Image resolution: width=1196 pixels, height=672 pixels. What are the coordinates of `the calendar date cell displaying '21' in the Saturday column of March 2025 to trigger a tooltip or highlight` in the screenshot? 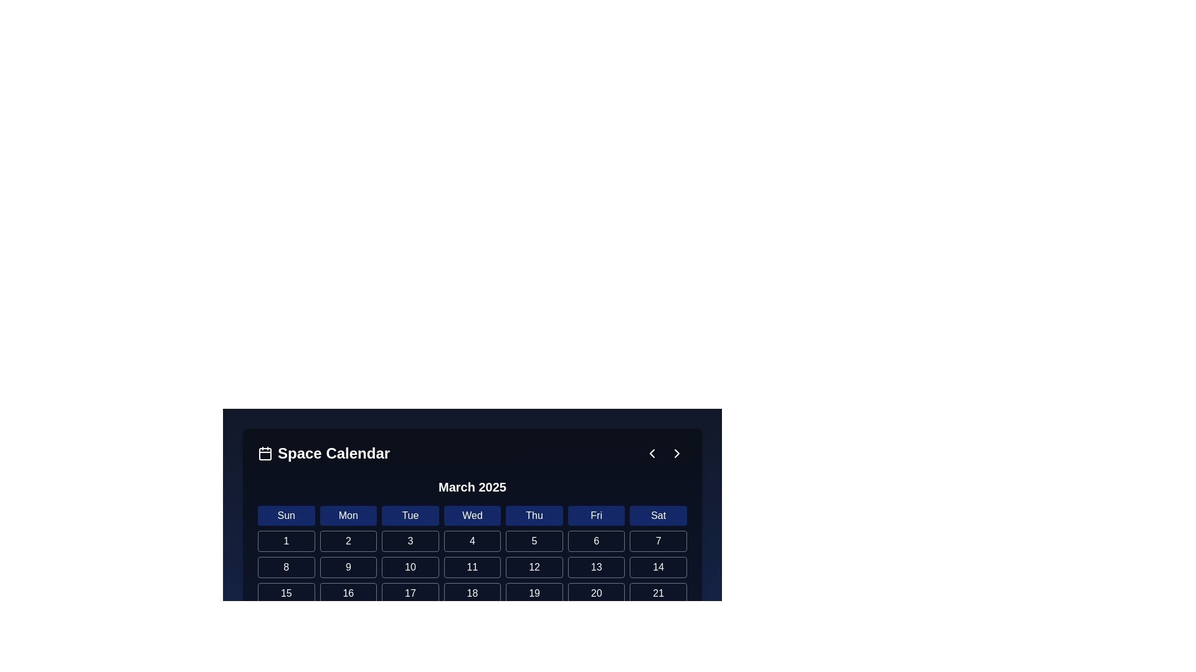 It's located at (658, 592).